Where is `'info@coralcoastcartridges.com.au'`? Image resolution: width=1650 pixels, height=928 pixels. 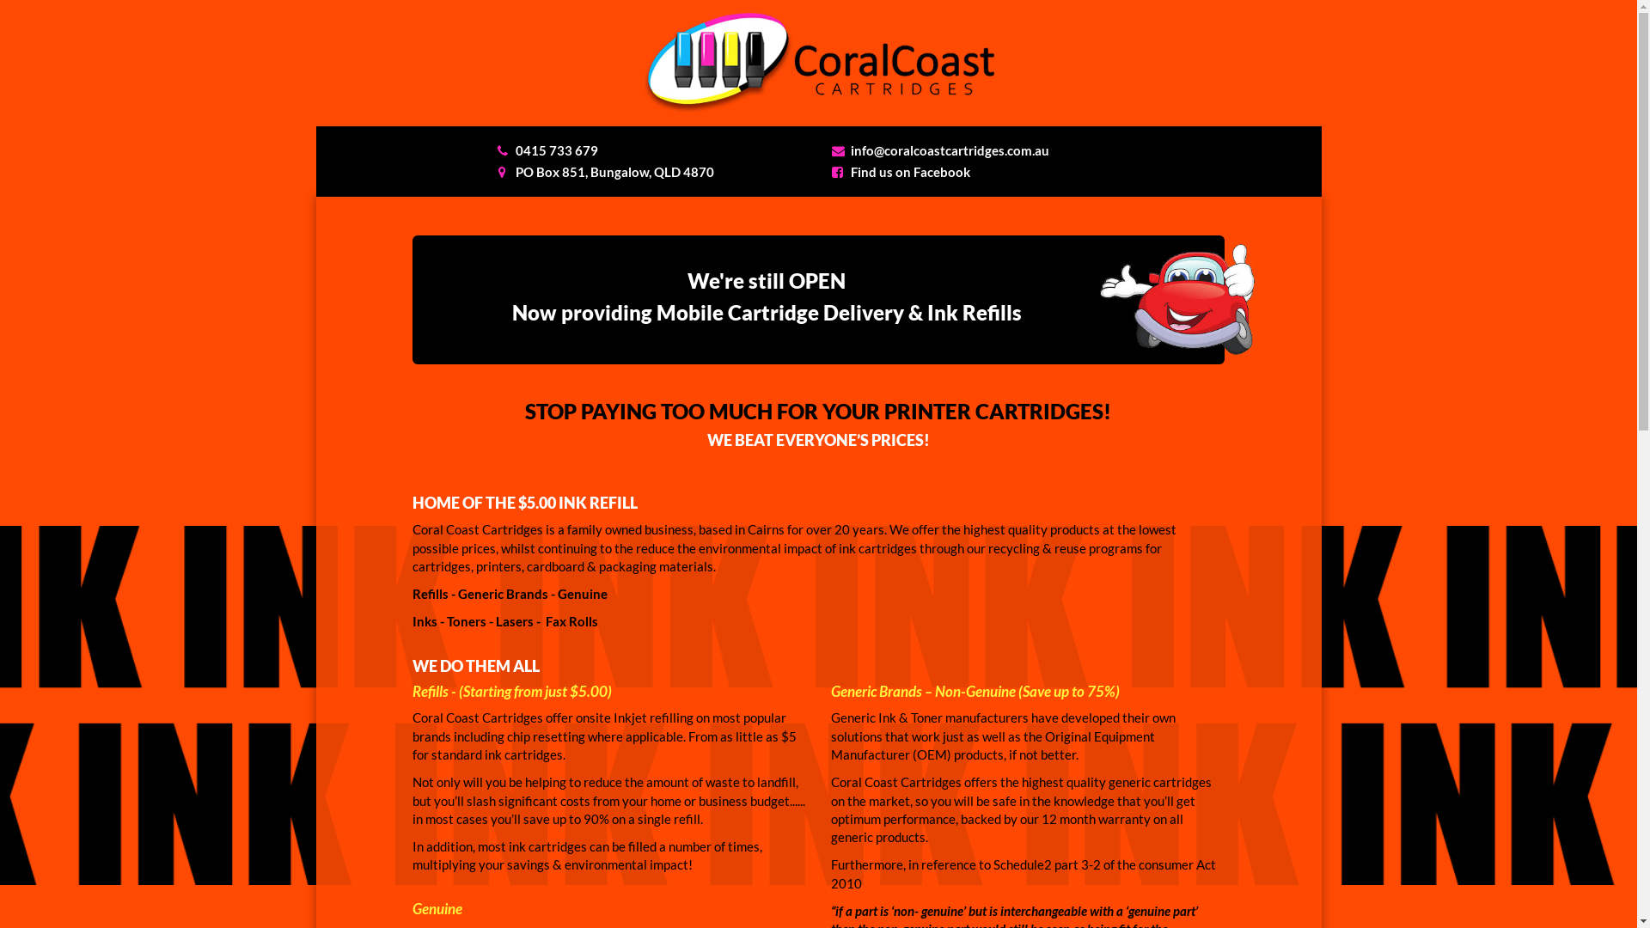 'info@coralcoastcartridges.com.au' is located at coordinates (850, 149).